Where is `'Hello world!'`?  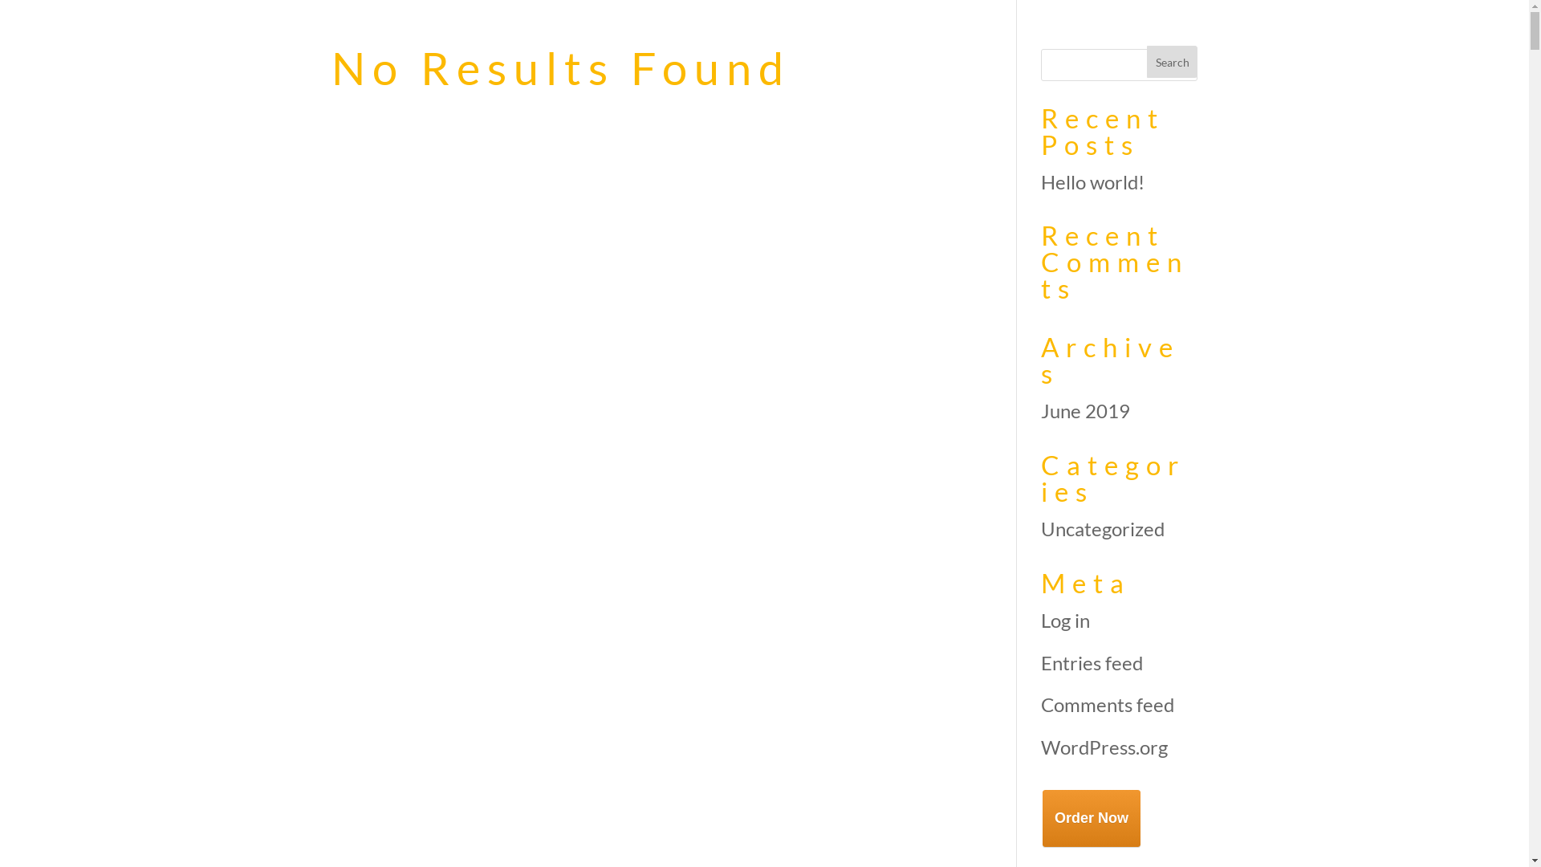
'Hello world!' is located at coordinates (1092, 181).